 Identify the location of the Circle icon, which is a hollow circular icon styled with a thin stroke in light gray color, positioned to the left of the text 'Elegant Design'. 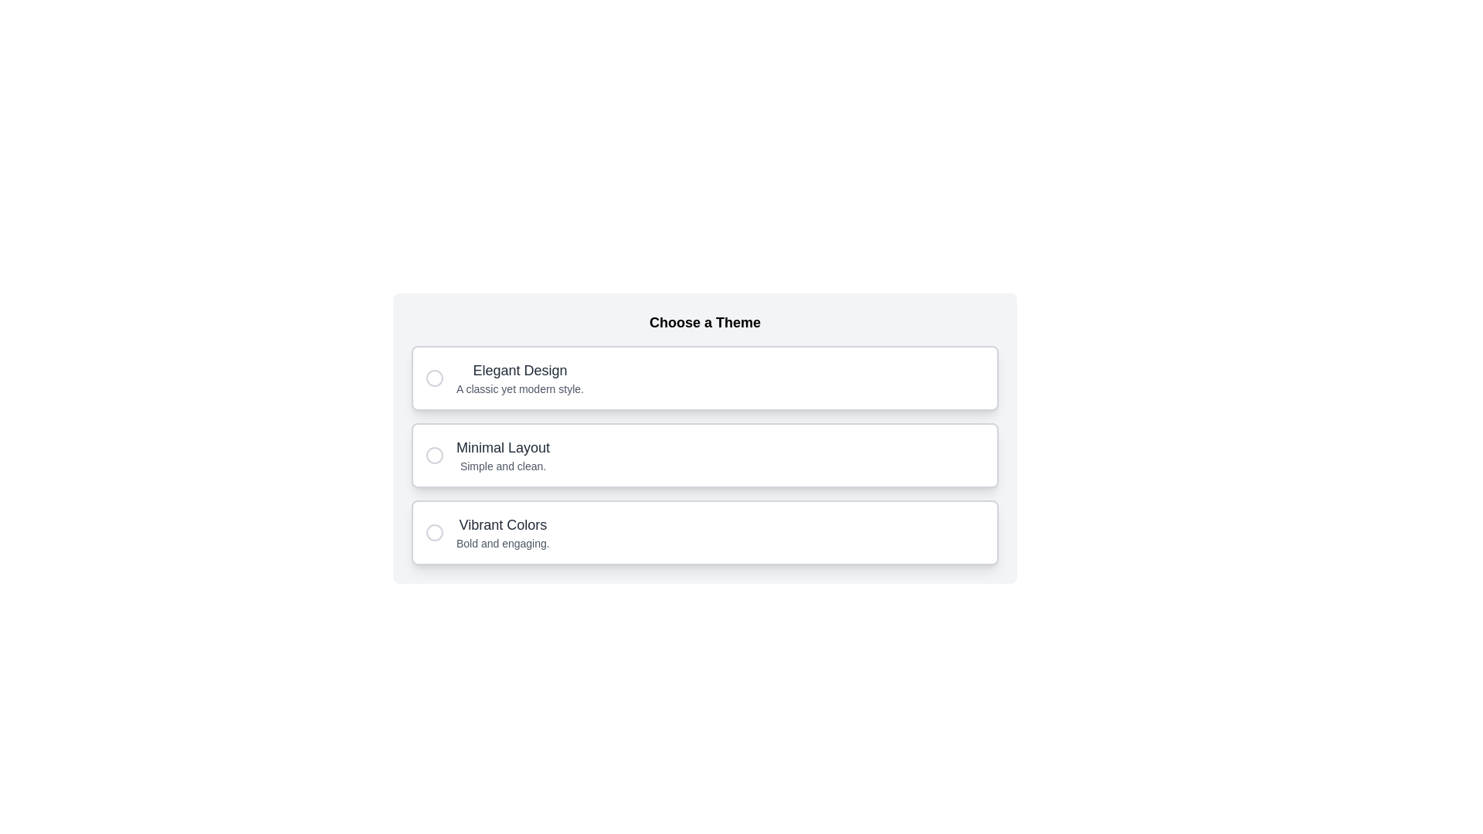
(433, 378).